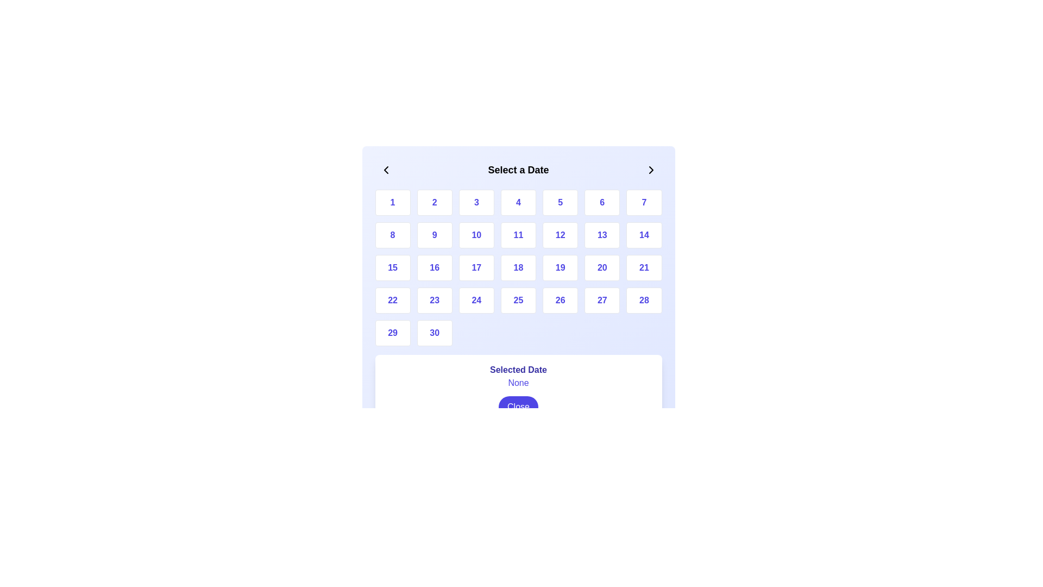 This screenshot has height=587, width=1043. I want to click on the third button, so click(476, 234).